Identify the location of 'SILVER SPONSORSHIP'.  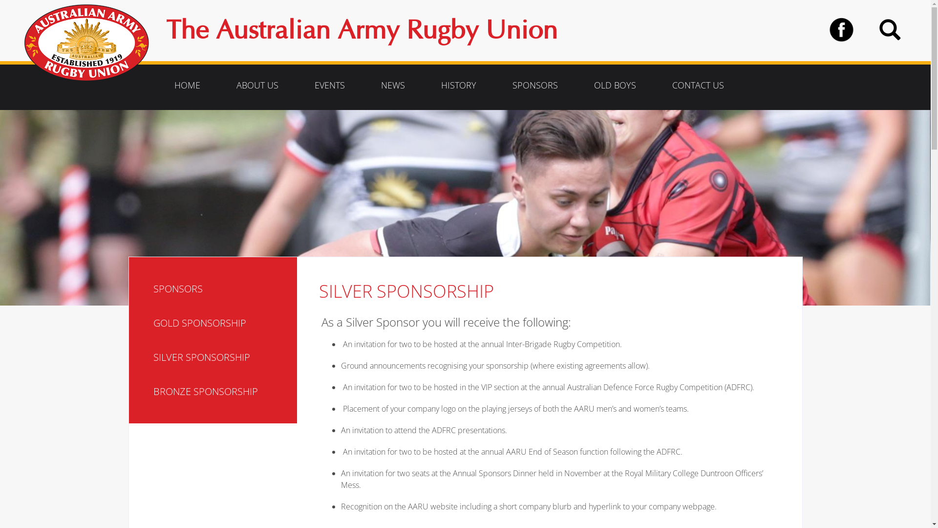
(221, 357).